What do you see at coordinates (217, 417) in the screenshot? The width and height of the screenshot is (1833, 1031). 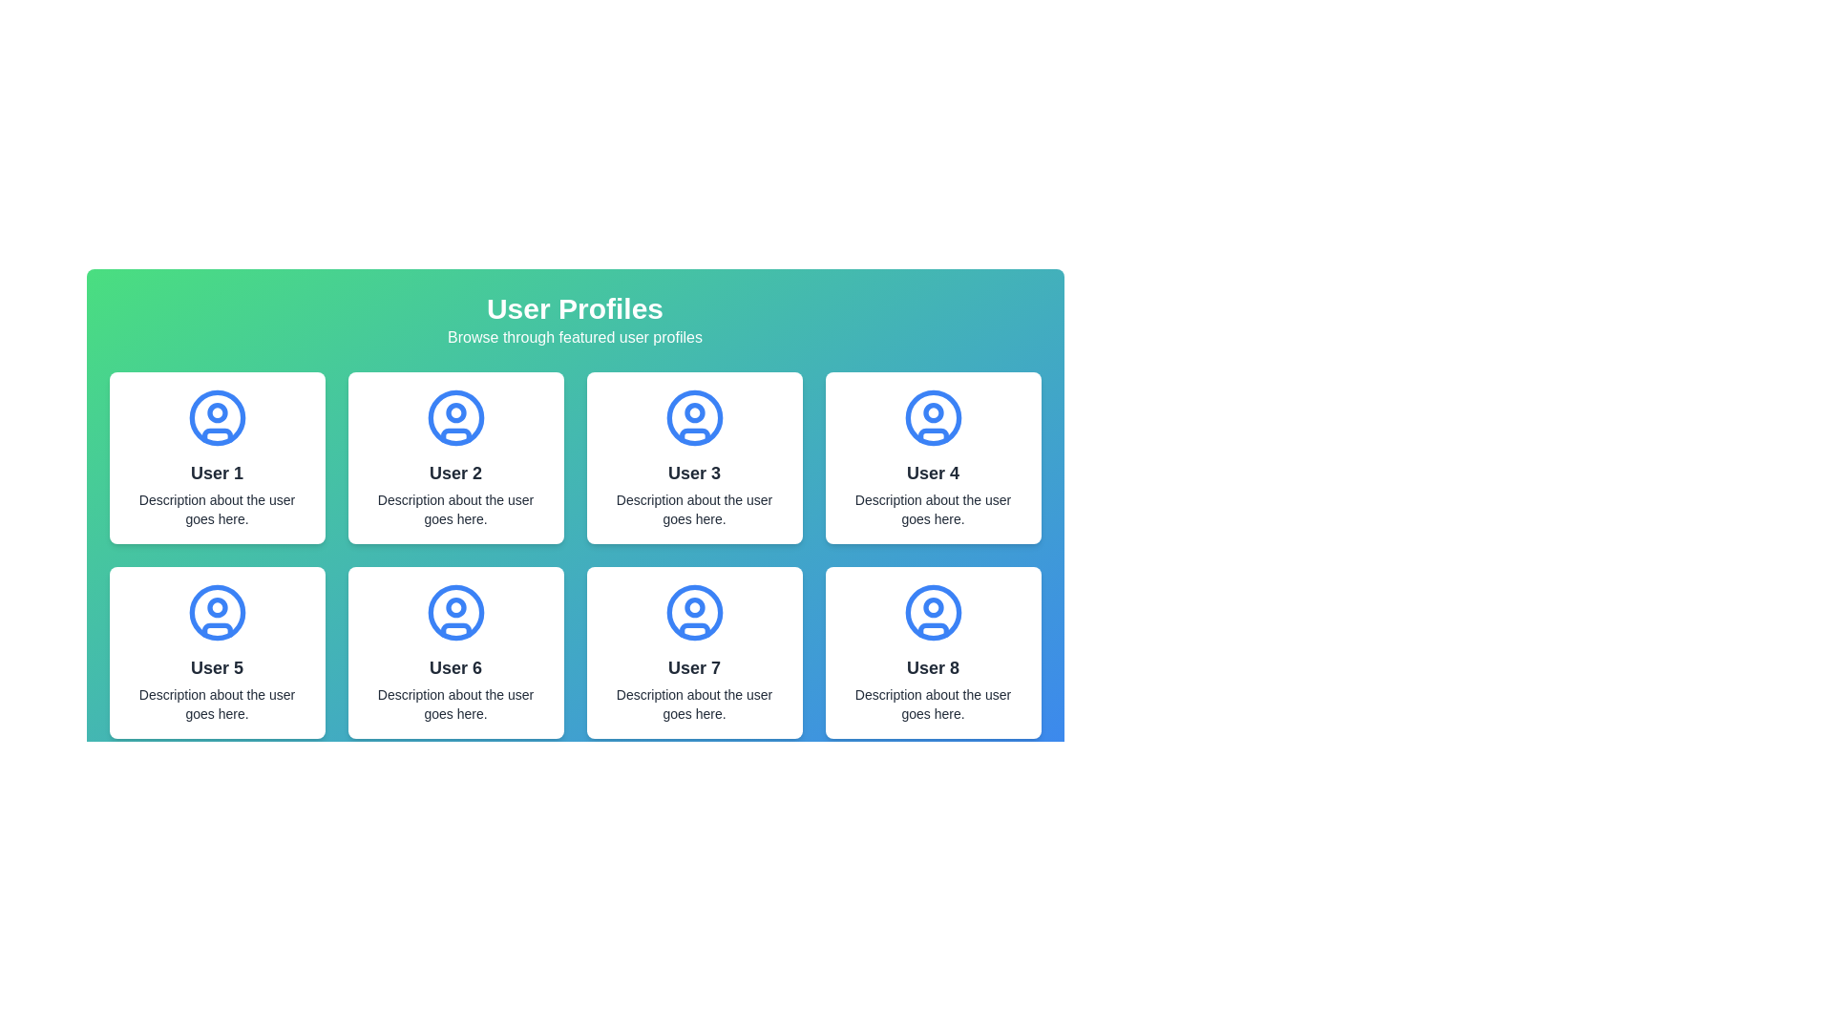 I see `the SVG Circle element that serves as the outer border of the circular user icon for User 1, located in the top-left user card in the grid` at bounding box center [217, 417].